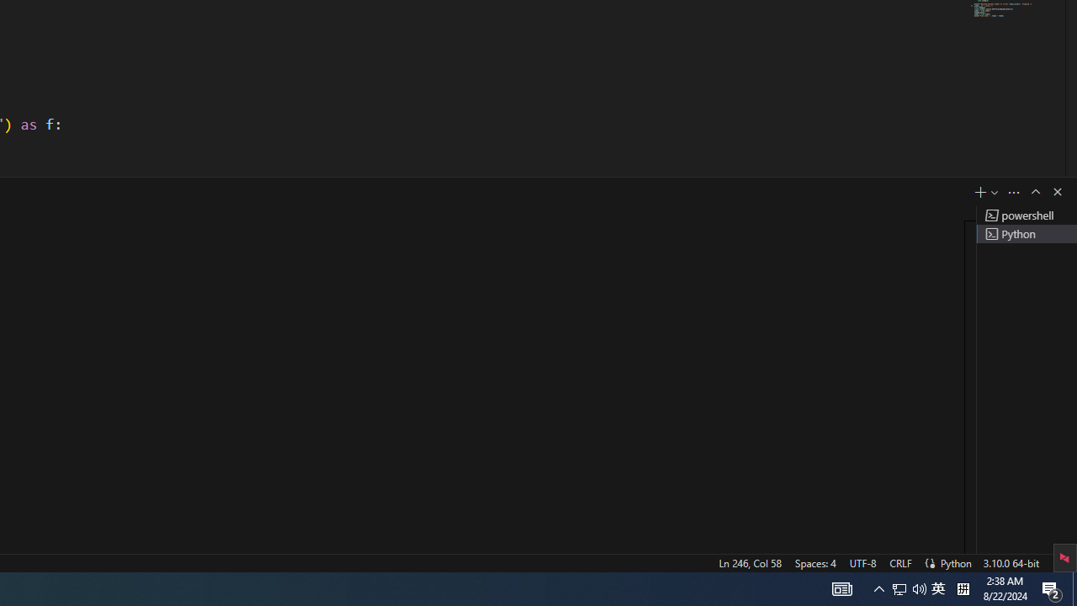 The image size is (1077, 606). What do you see at coordinates (1013, 191) in the screenshot?
I see `'Views and More Actions...'` at bounding box center [1013, 191].